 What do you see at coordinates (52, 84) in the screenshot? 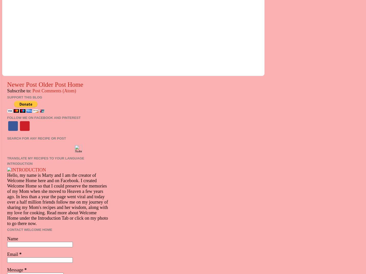
I see `'Older Post'` at bounding box center [52, 84].